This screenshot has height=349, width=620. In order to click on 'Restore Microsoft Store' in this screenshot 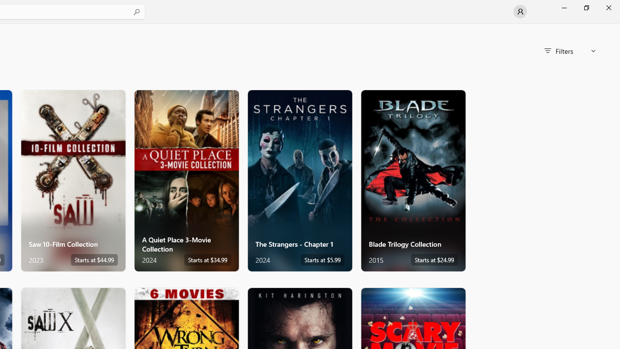, I will do `click(586, 7)`.